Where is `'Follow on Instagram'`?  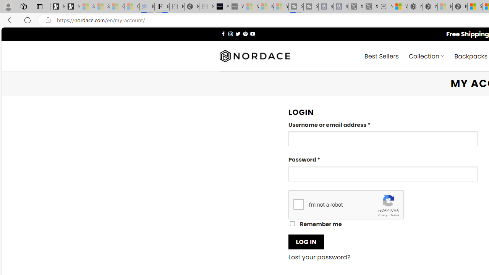 'Follow on Instagram' is located at coordinates (230, 33).